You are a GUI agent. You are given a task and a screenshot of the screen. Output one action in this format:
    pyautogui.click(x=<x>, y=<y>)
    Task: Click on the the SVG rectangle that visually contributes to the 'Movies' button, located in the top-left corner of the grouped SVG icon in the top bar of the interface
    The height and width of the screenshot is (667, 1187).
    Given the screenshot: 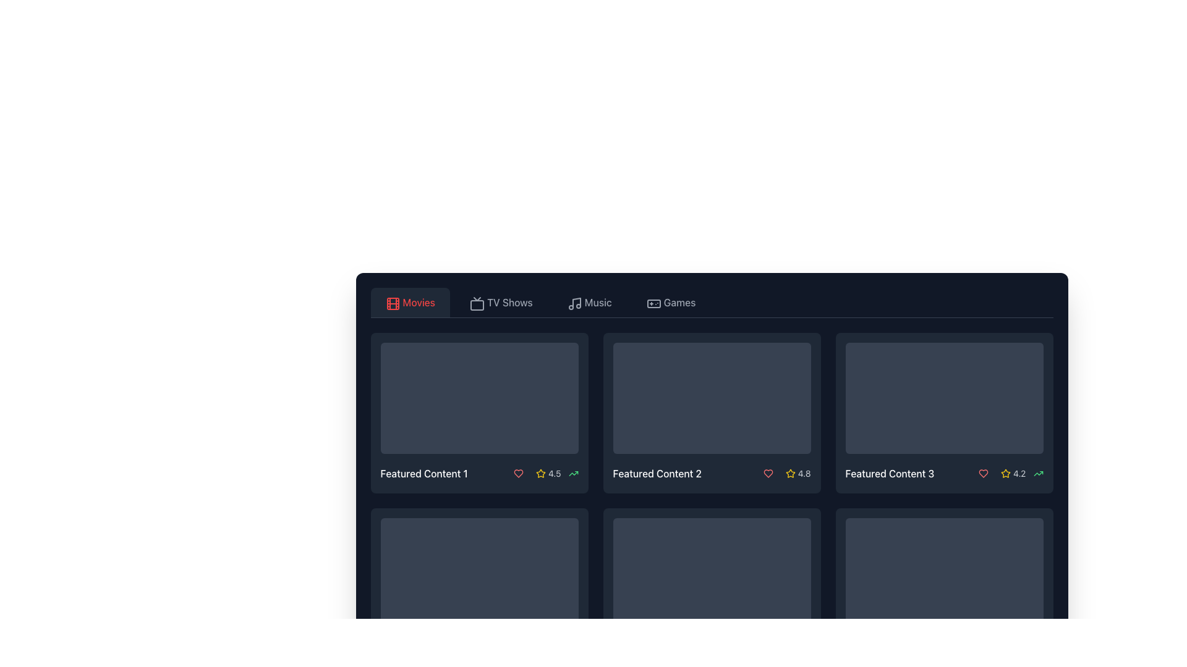 What is the action you would take?
    pyautogui.click(x=392, y=304)
    